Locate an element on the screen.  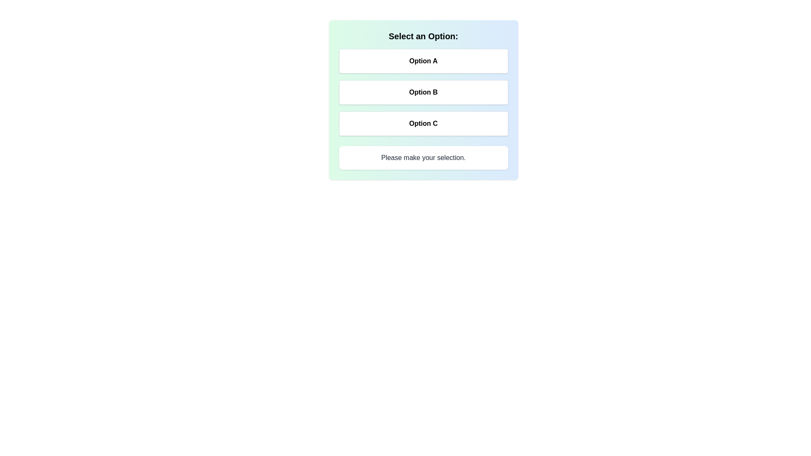
the middle button labeled 'Option B', which is styled as a rectangular button with rounded corners and a white background is located at coordinates (423, 99).